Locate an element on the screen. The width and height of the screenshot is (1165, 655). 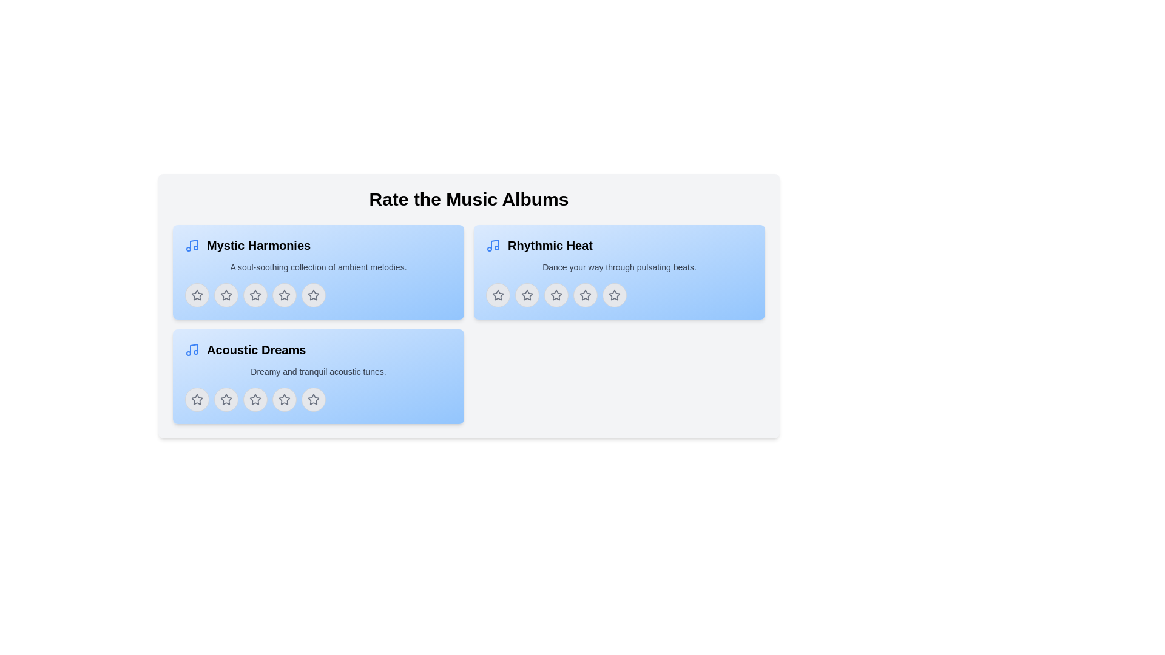
the first star-shaped rating icon in the 'Rhythmic Heat' music album card is located at coordinates (527, 295).